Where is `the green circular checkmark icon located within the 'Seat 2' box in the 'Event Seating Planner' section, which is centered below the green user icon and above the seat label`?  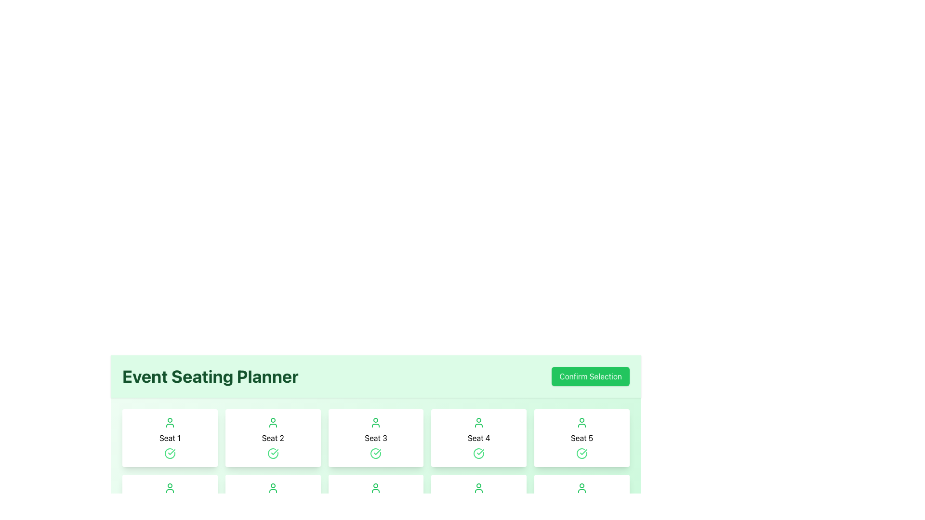
the green circular checkmark icon located within the 'Seat 2' box in the 'Event Seating Planner' section, which is centered below the green user icon and above the seat label is located at coordinates (272, 453).